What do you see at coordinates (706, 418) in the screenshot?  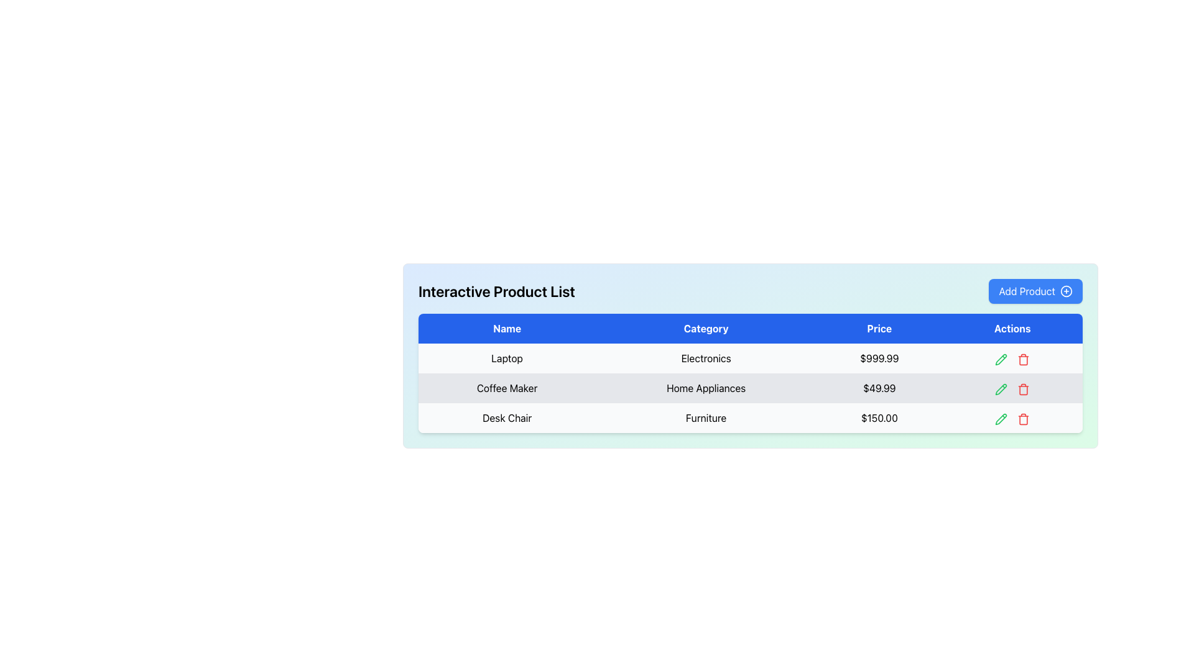 I see `the 'Furniture' text label in the third row of the table under the 'Category' column` at bounding box center [706, 418].